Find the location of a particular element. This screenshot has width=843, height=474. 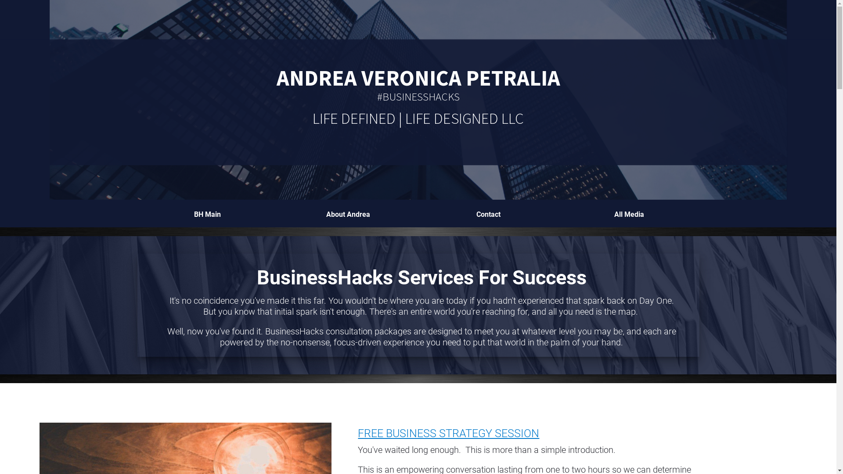

'FREE BUSINESS STRATEGY SESSION' is located at coordinates (448, 433).